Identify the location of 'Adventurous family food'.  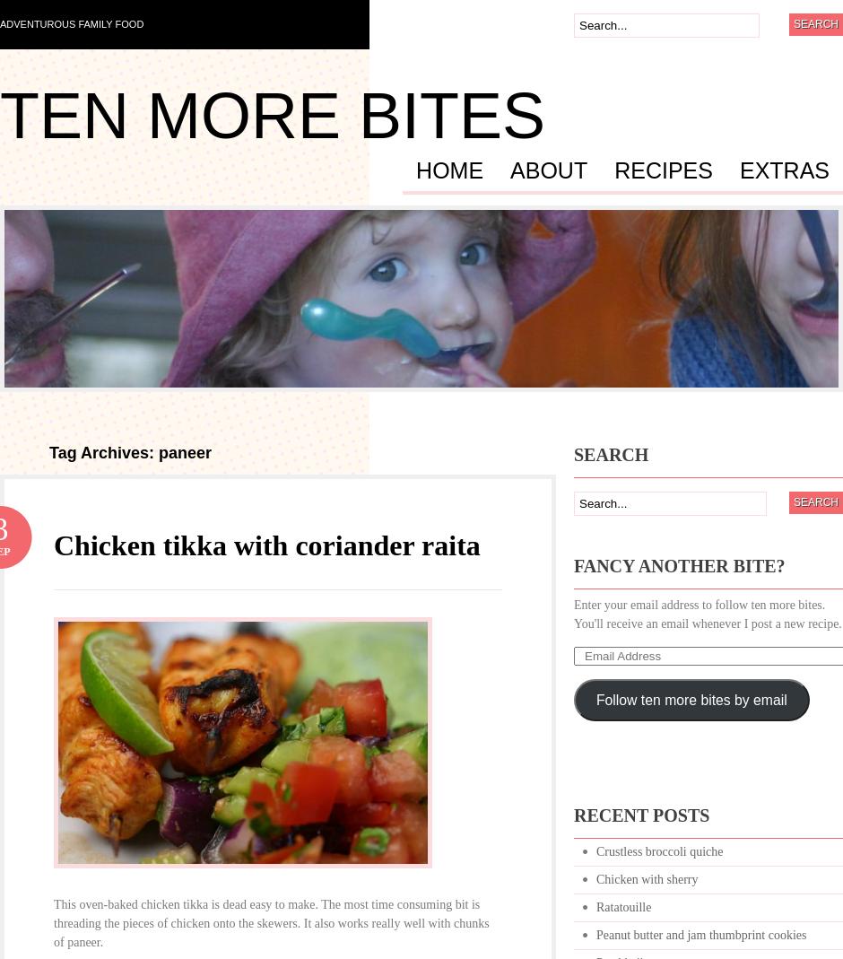
(71, 23).